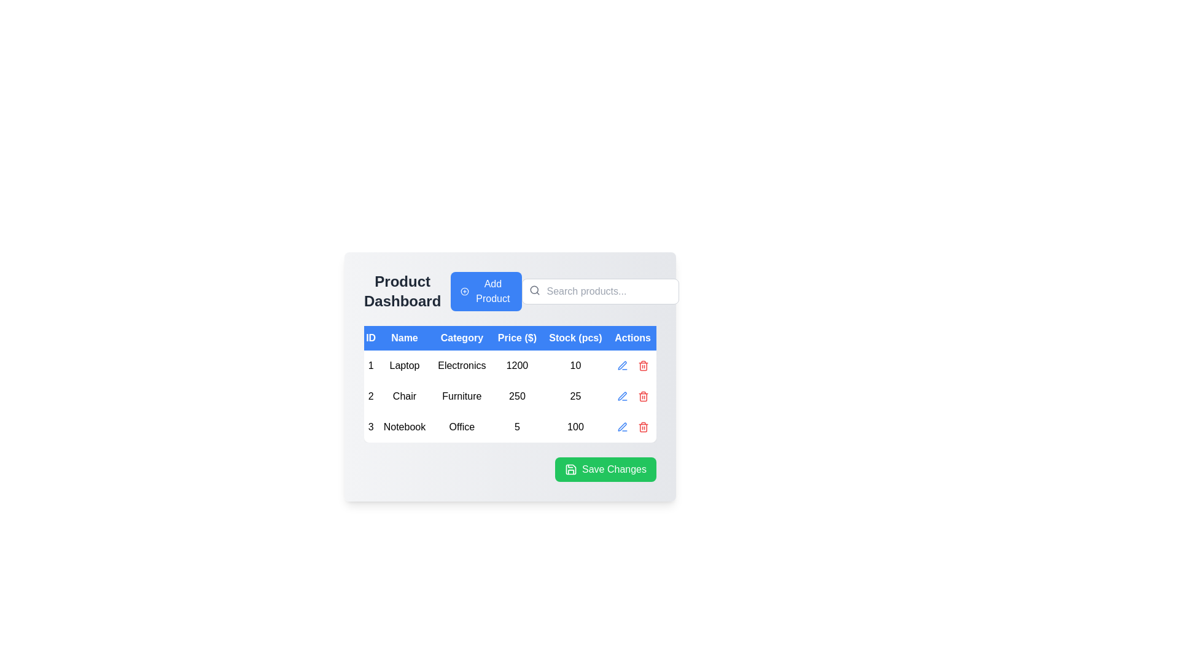 The width and height of the screenshot is (1179, 663). What do you see at coordinates (622, 365) in the screenshot?
I see `the edit button icon located in the 'Actions' column of the first row in the table` at bounding box center [622, 365].